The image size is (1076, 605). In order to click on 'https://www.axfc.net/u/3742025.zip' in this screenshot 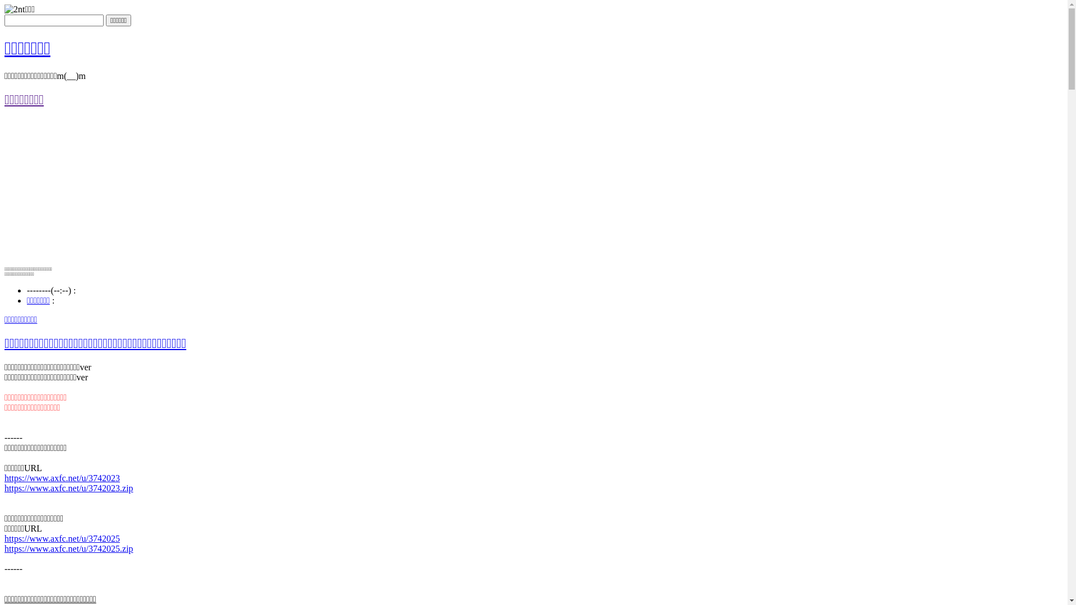, I will do `click(68, 547)`.